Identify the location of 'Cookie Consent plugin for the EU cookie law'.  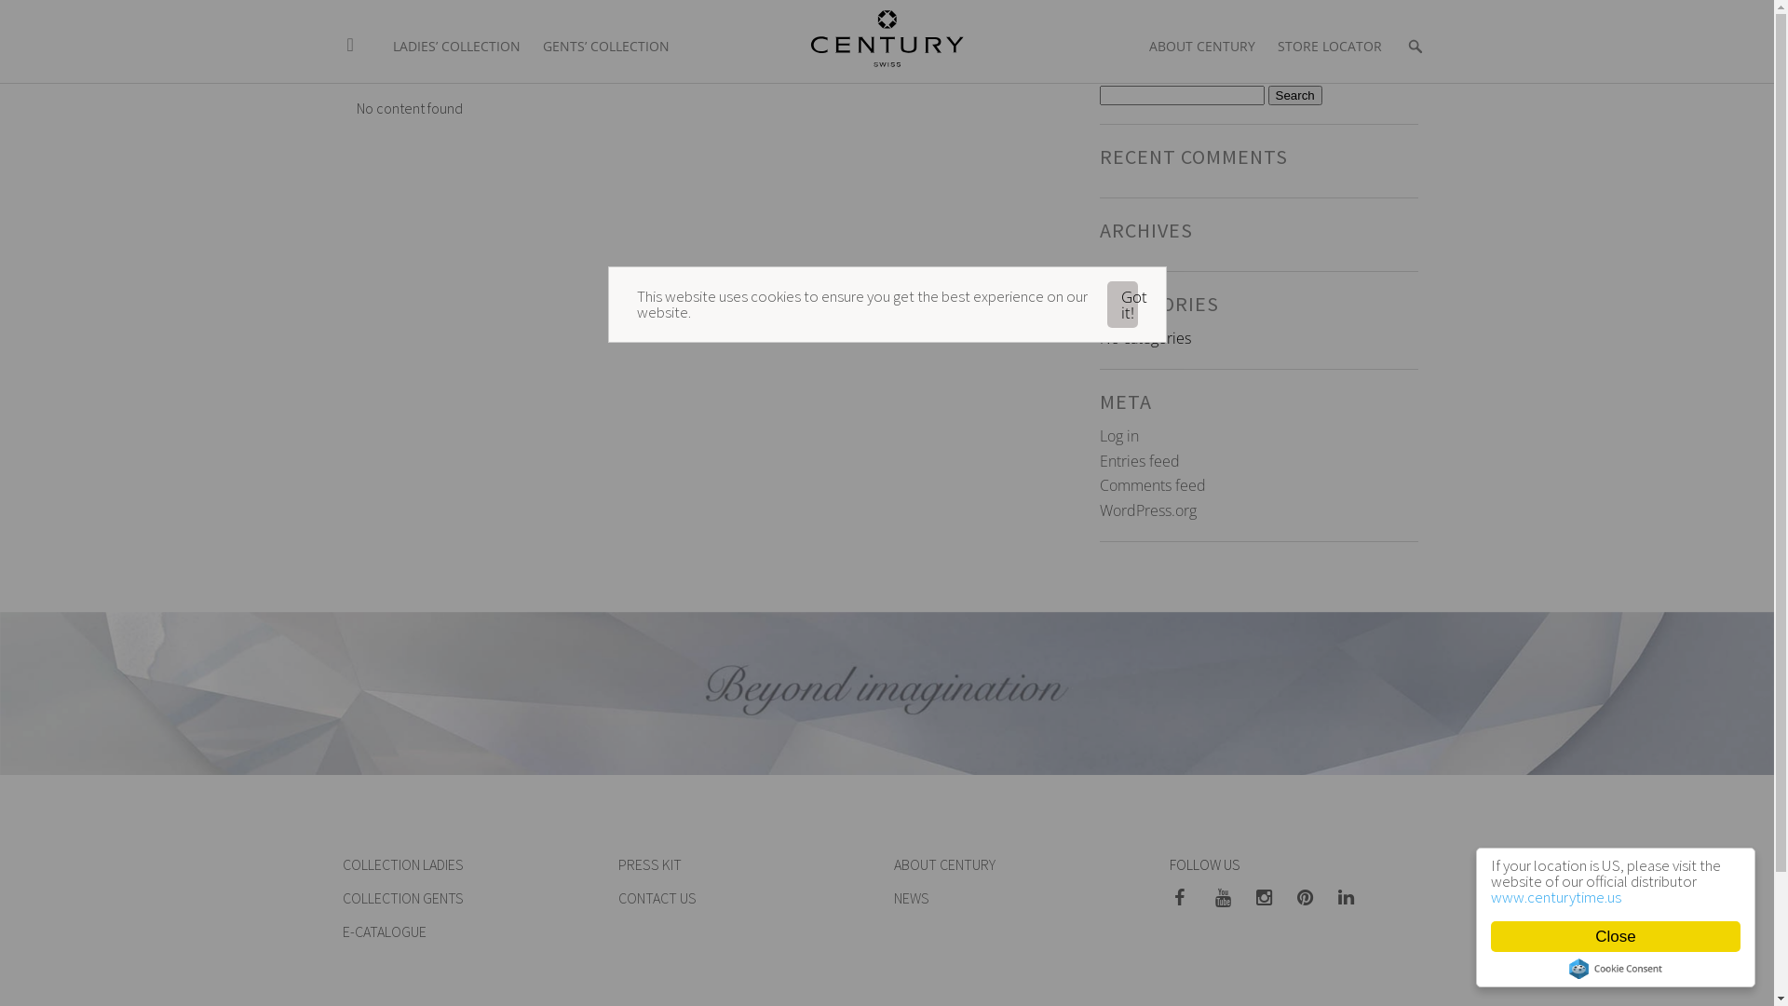
(1567, 968).